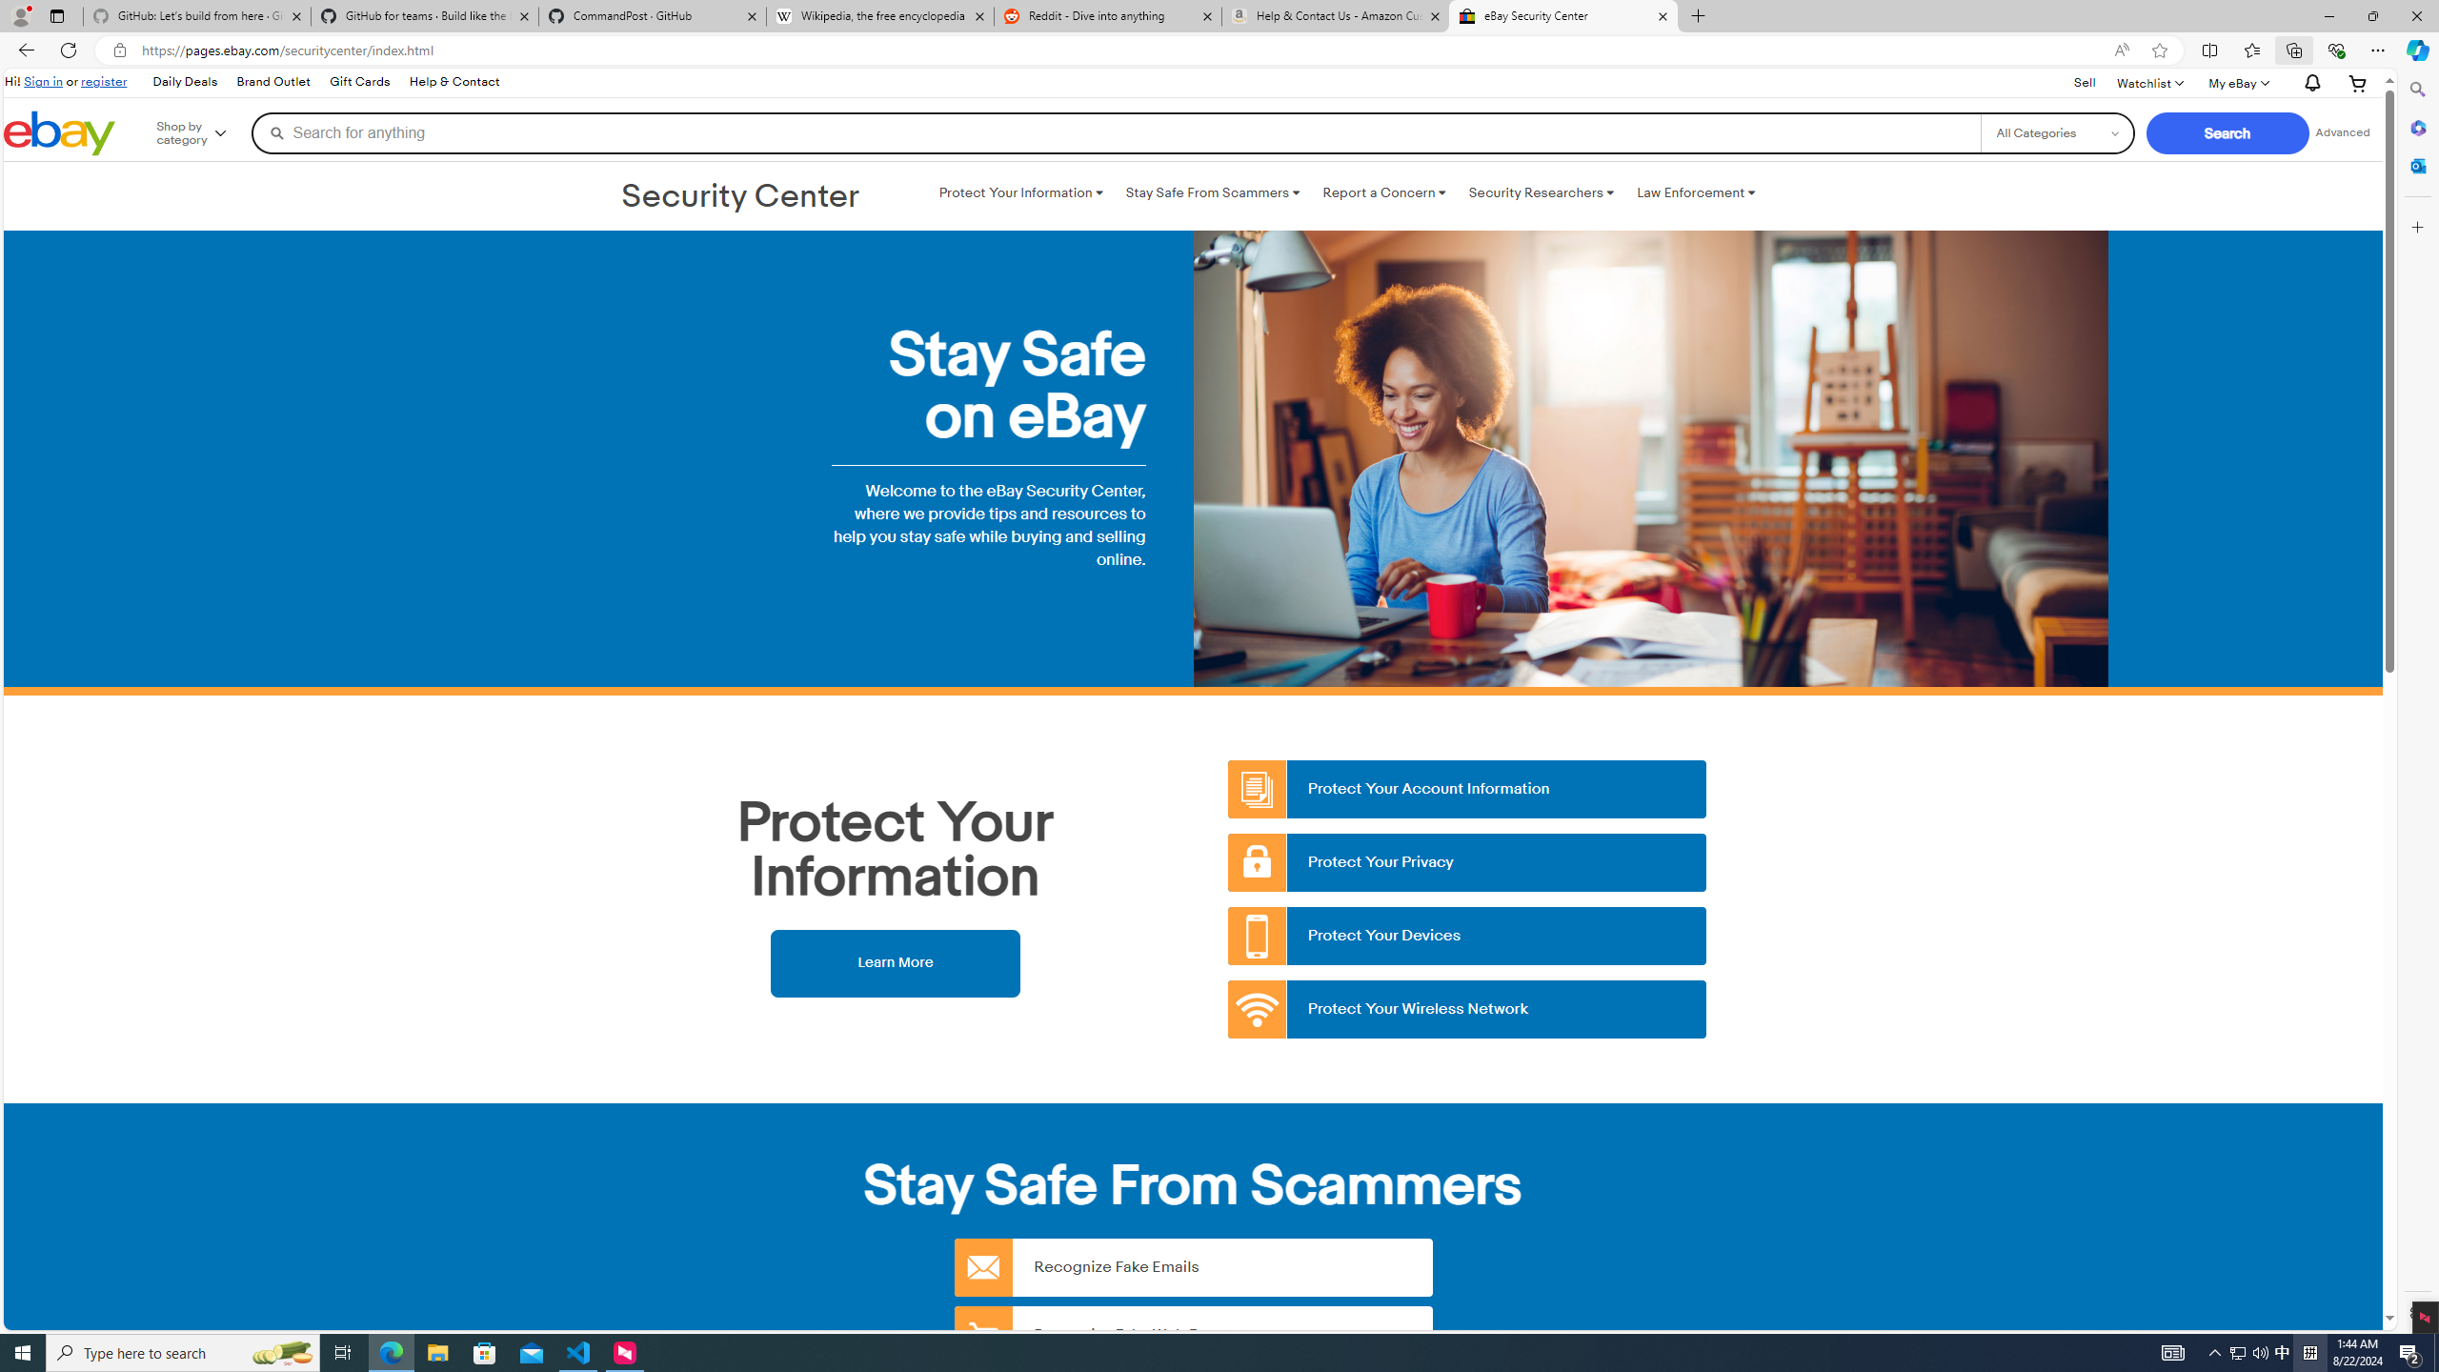 The image size is (2439, 1372). Describe the element at coordinates (183, 81) in the screenshot. I see `'Daily Deals'` at that location.